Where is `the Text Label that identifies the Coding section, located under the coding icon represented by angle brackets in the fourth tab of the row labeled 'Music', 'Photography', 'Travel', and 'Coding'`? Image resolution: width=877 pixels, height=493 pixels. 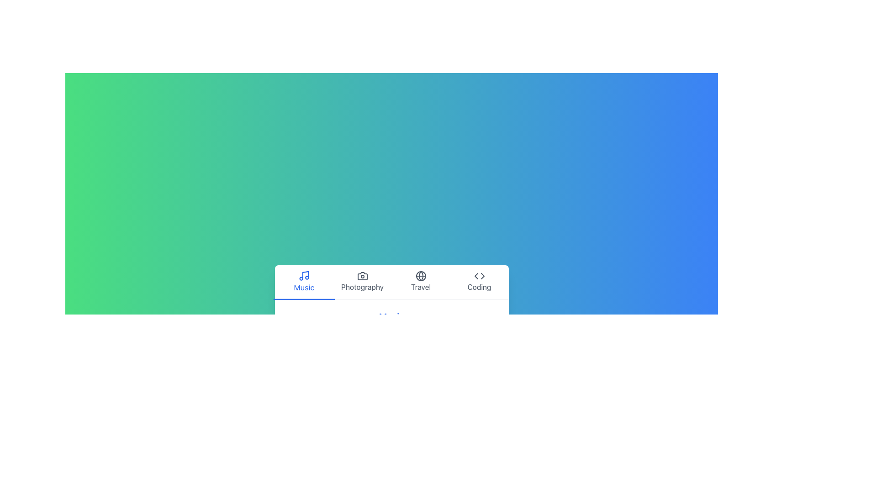 the Text Label that identifies the Coding section, located under the coding icon represented by angle brackets in the fourth tab of the row labeled 'Music', 'Photography', 'Travel', and 'Coding' is located at coordinates (479, 286).